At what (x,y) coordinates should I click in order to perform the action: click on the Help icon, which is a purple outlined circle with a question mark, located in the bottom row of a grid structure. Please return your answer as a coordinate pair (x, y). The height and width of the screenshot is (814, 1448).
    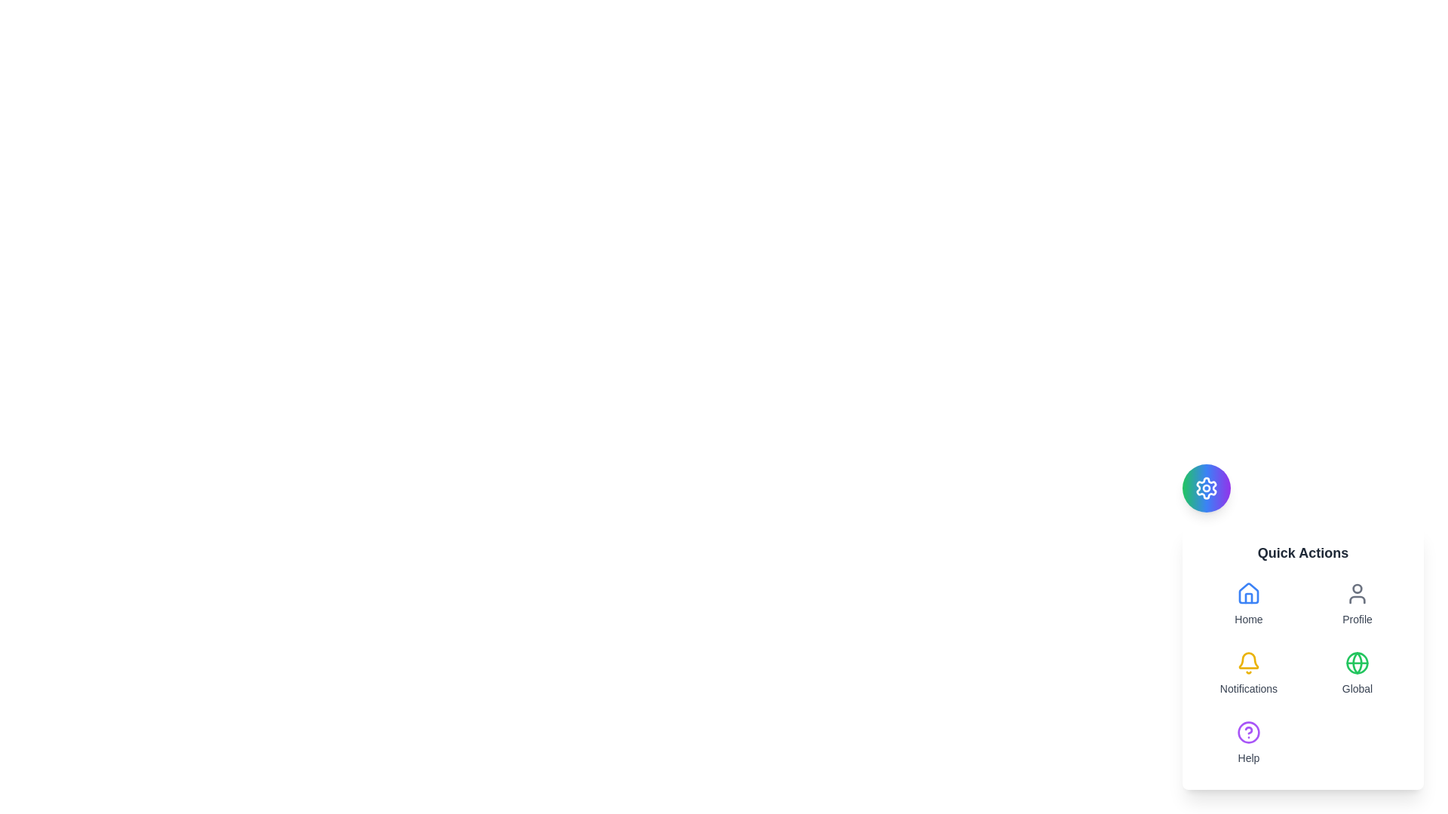
    Looking at the image, I should click on (1249, 742).